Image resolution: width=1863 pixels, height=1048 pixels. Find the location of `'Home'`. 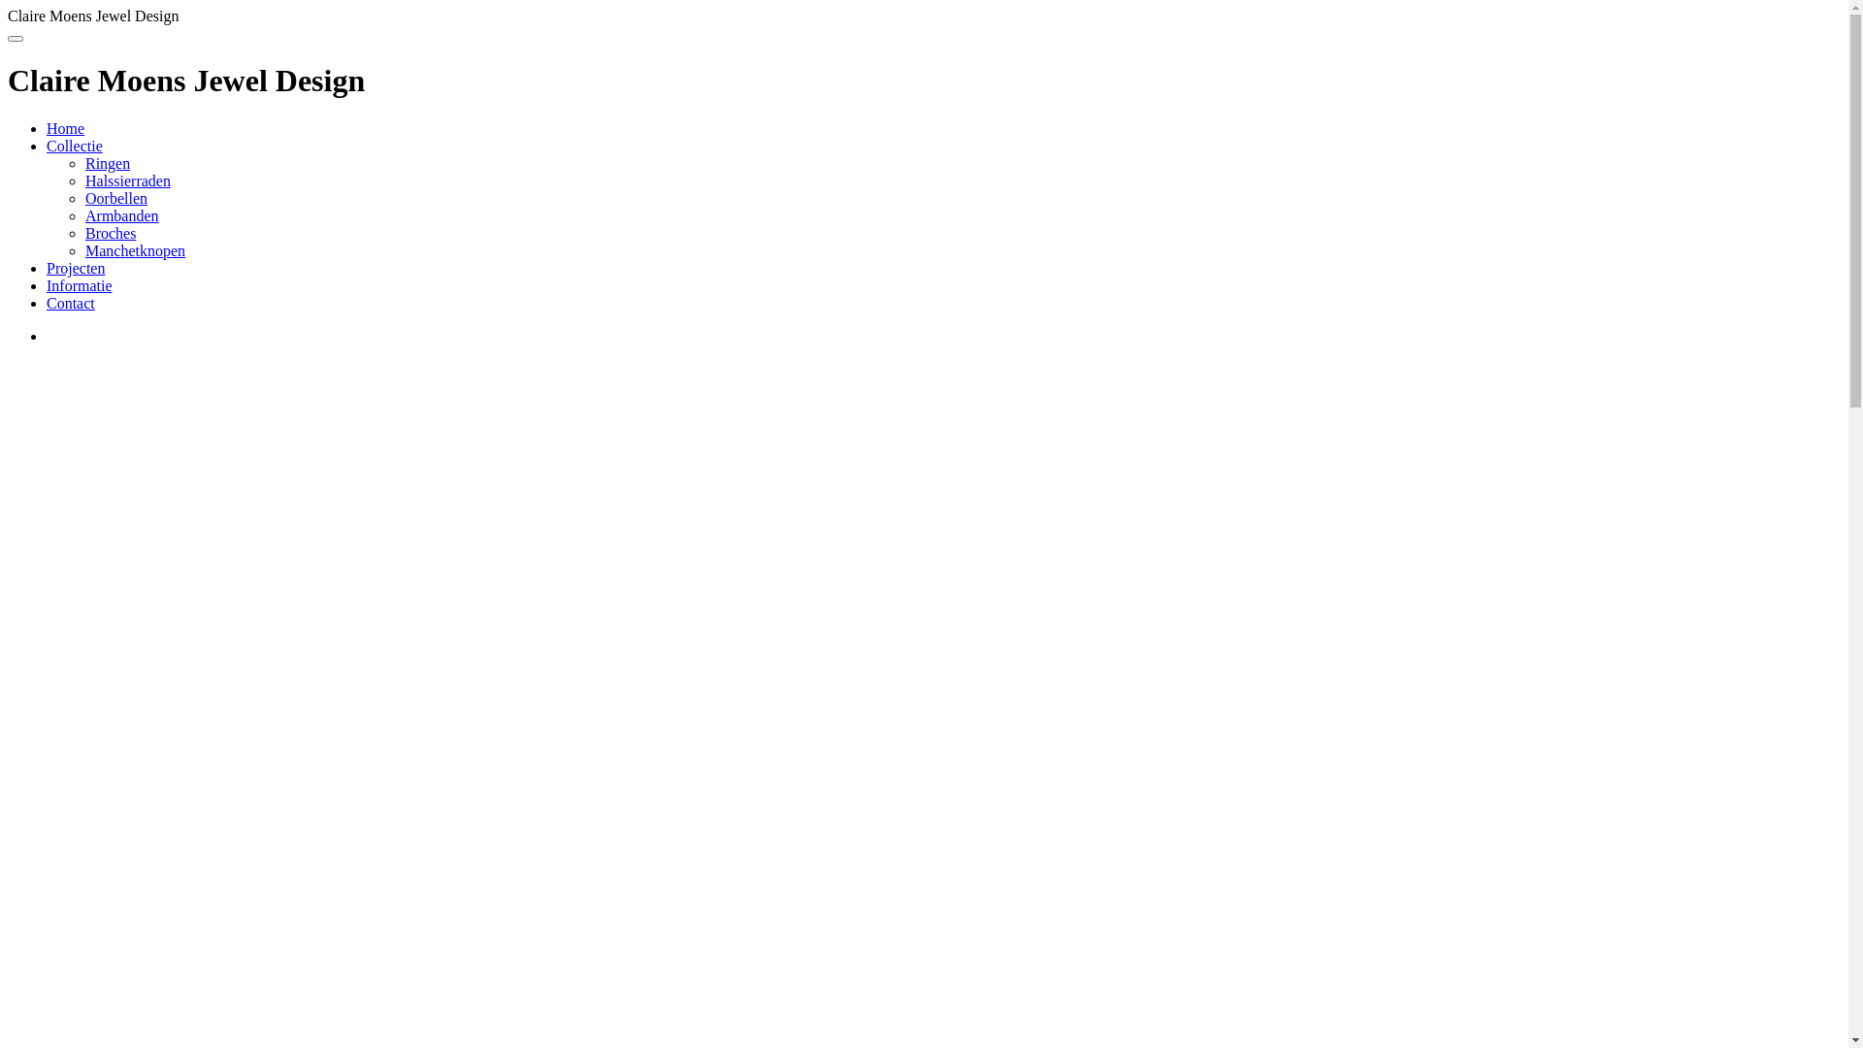

'Home' is located at coordinates (65, 128).